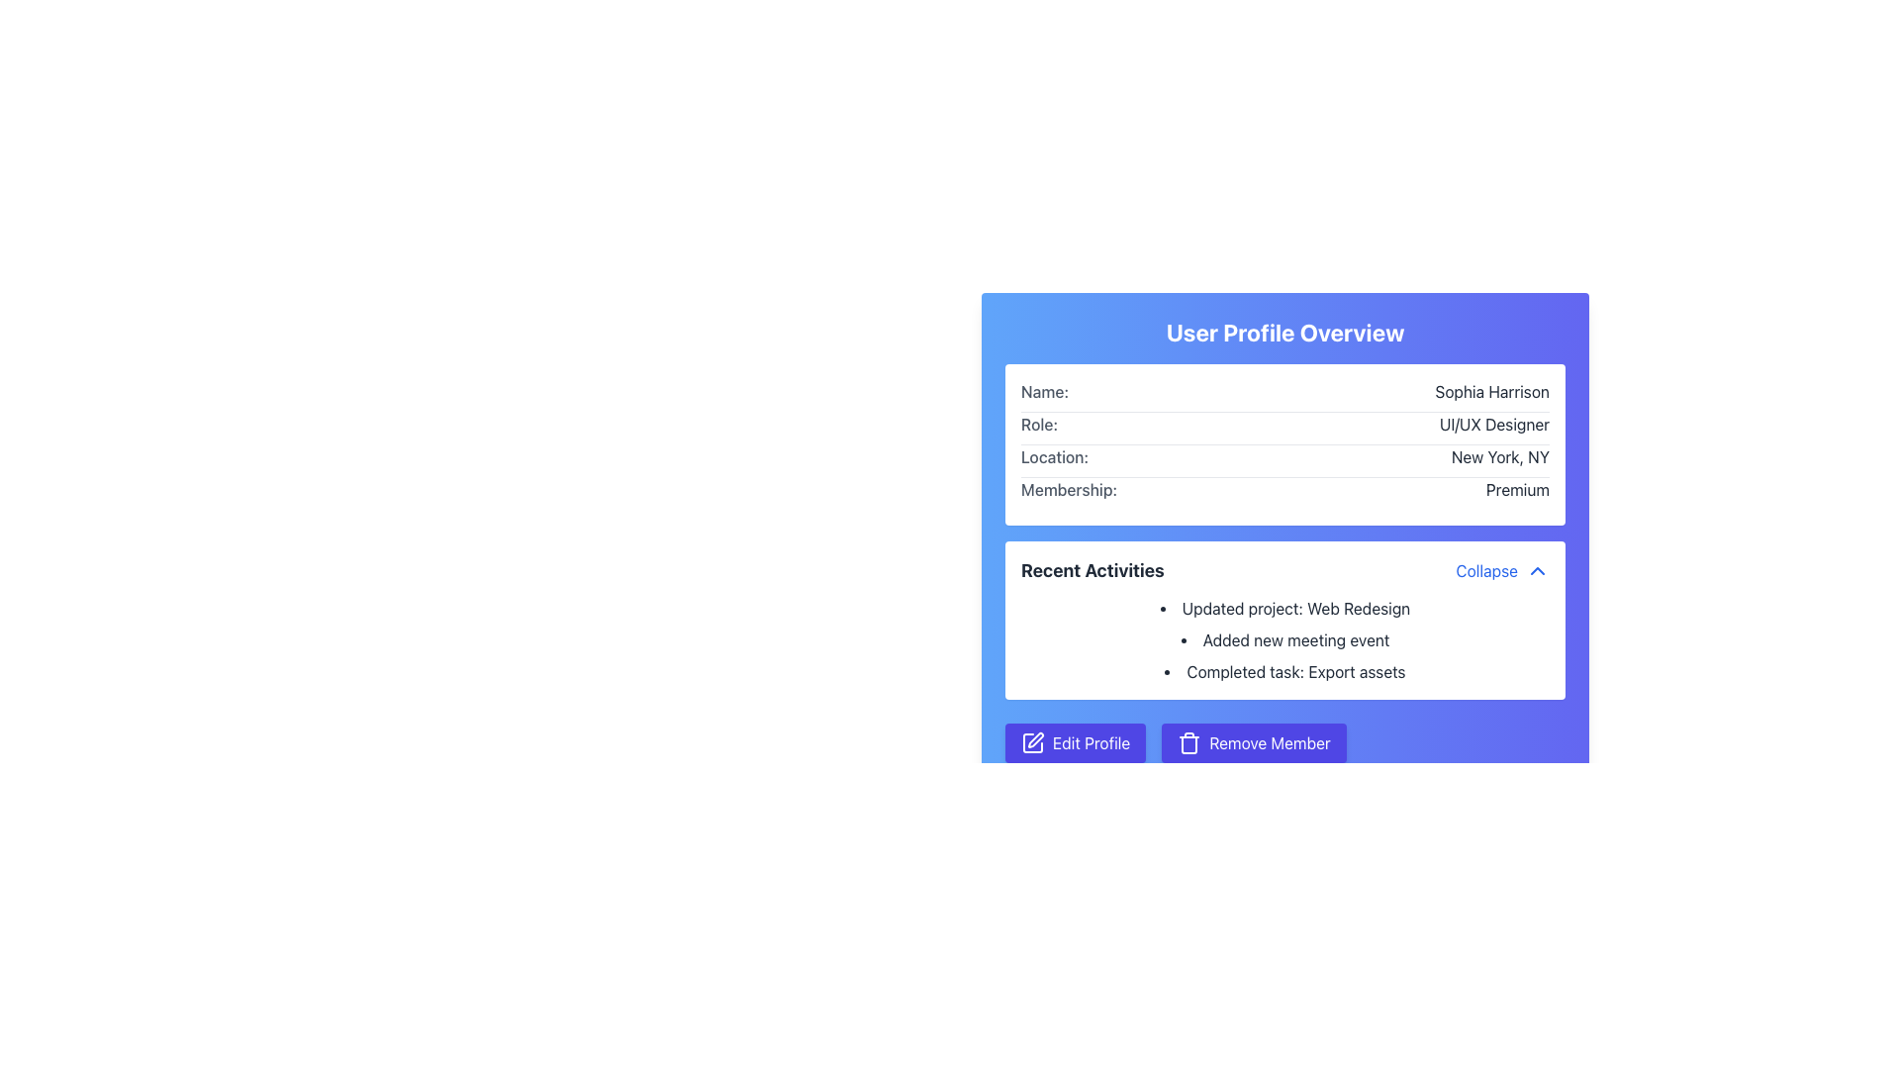 The width and height of the screenshot is (1900, 1069). Describe the element at coordinates (1253, 743) in the screenshot. I see `the rectangular purple button labeled 'Remove Member' with a trash bin icon to observe its hover state` at that location.